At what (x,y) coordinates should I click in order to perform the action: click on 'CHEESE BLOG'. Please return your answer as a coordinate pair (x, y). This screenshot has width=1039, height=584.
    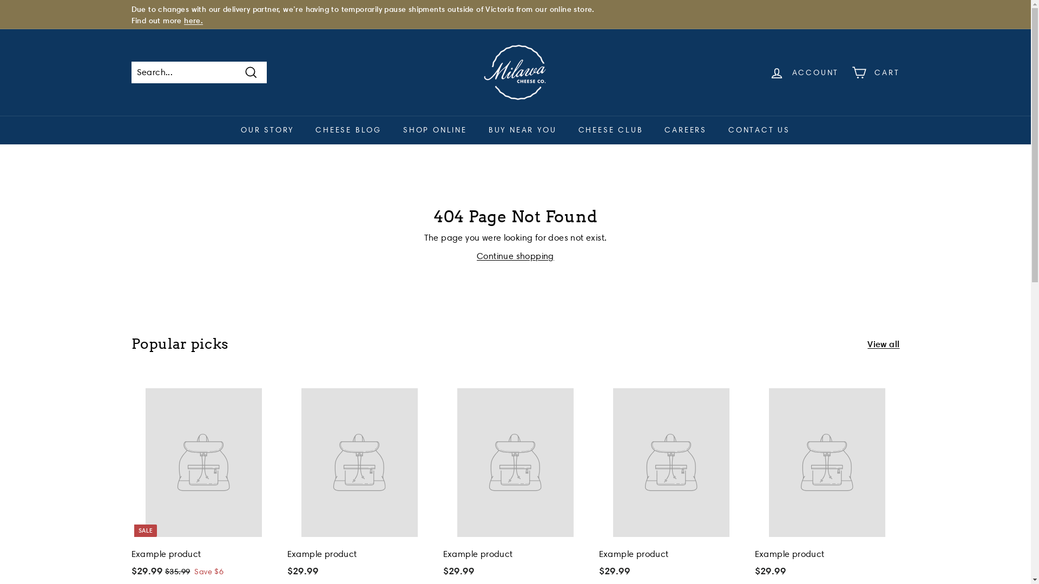
    Looking at the image, I should click on (348, 129).